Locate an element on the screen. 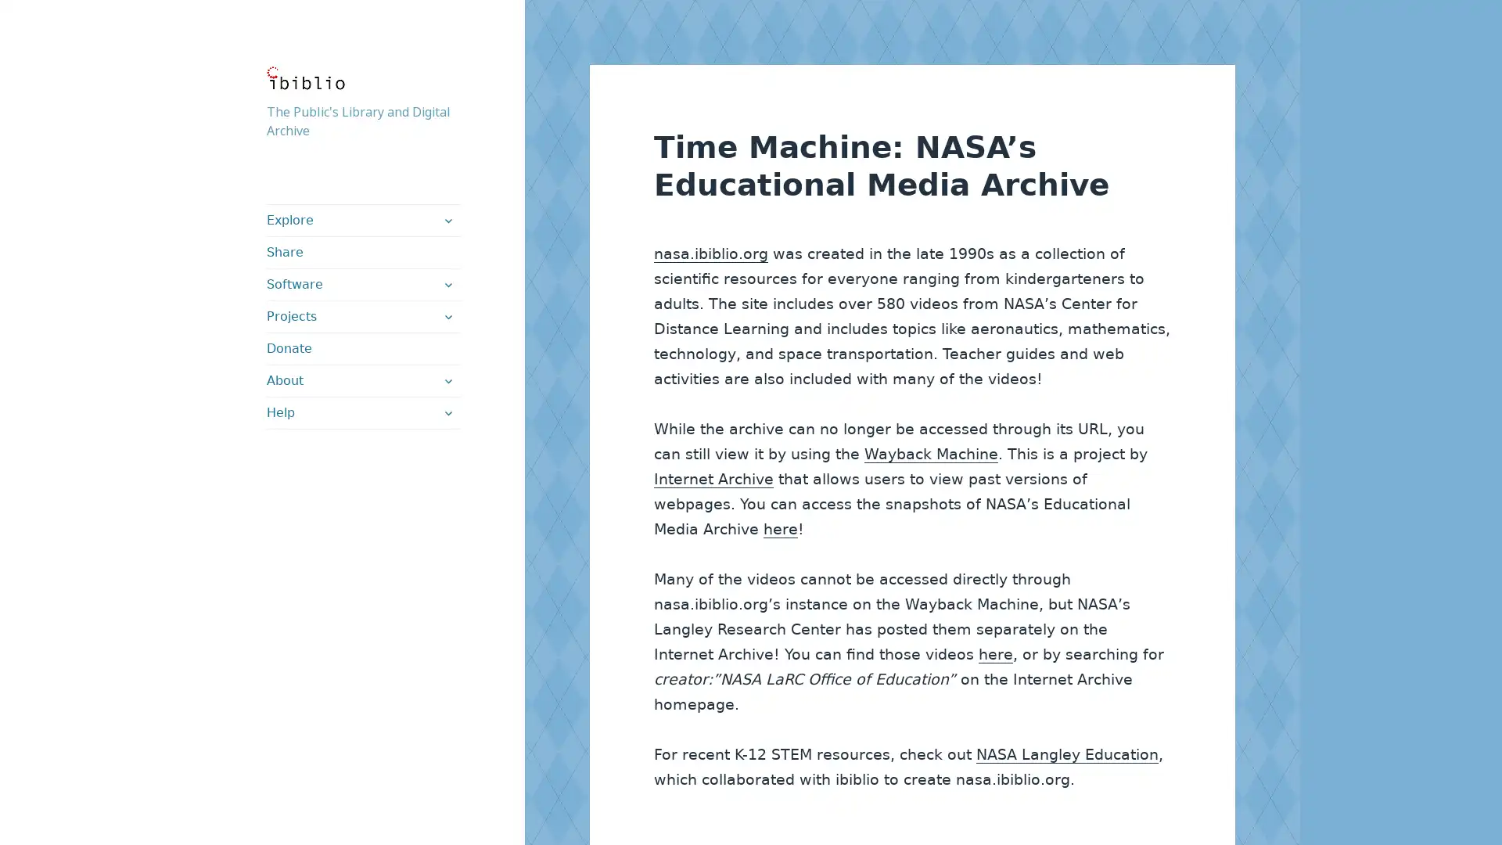  expand child menu is located at coordinates (446, 284).